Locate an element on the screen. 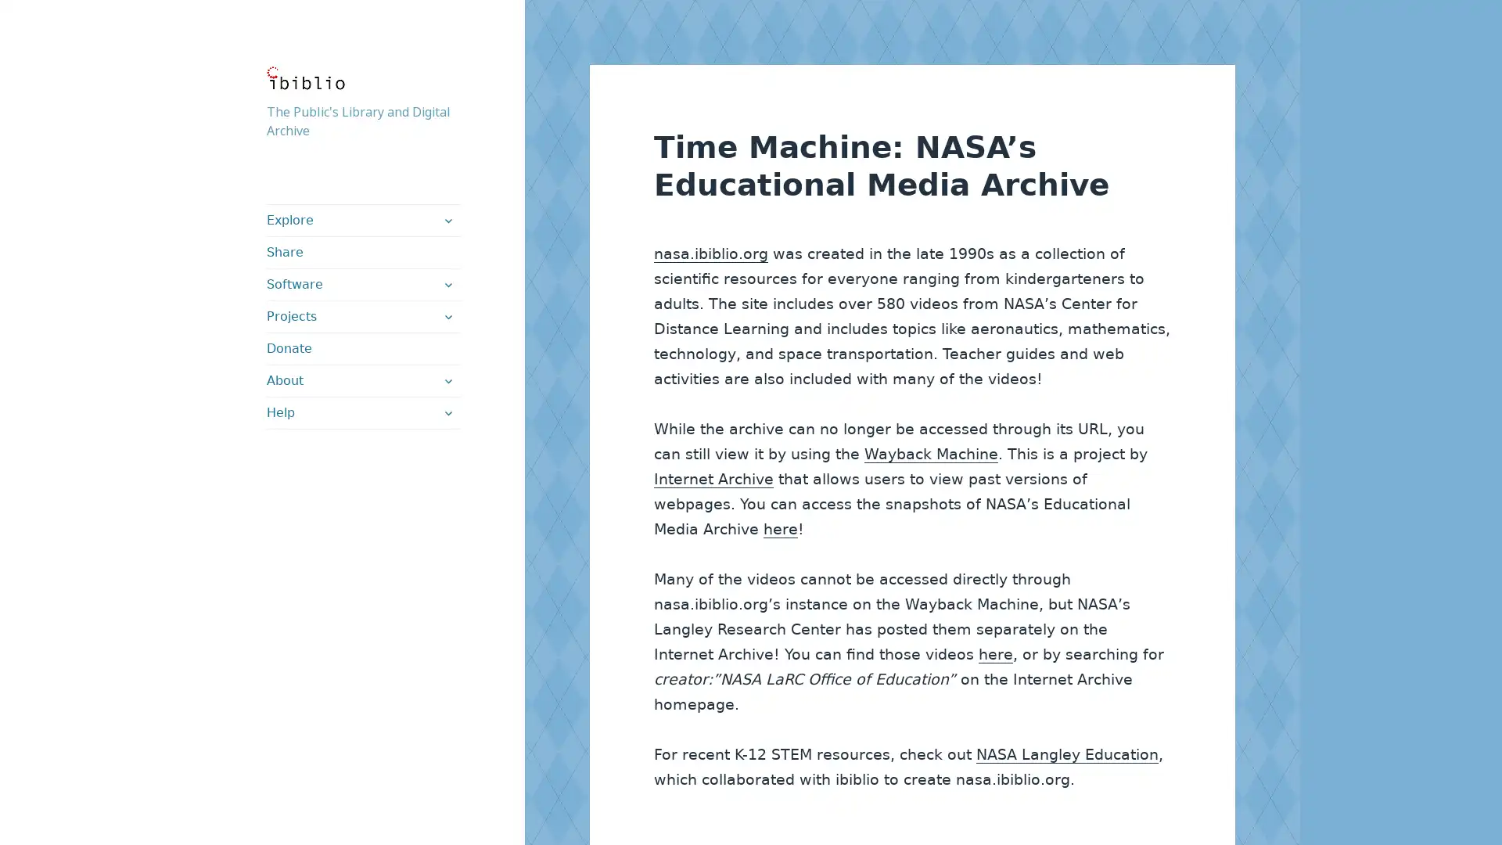  expand child menu is located at coordinates (446, 284).